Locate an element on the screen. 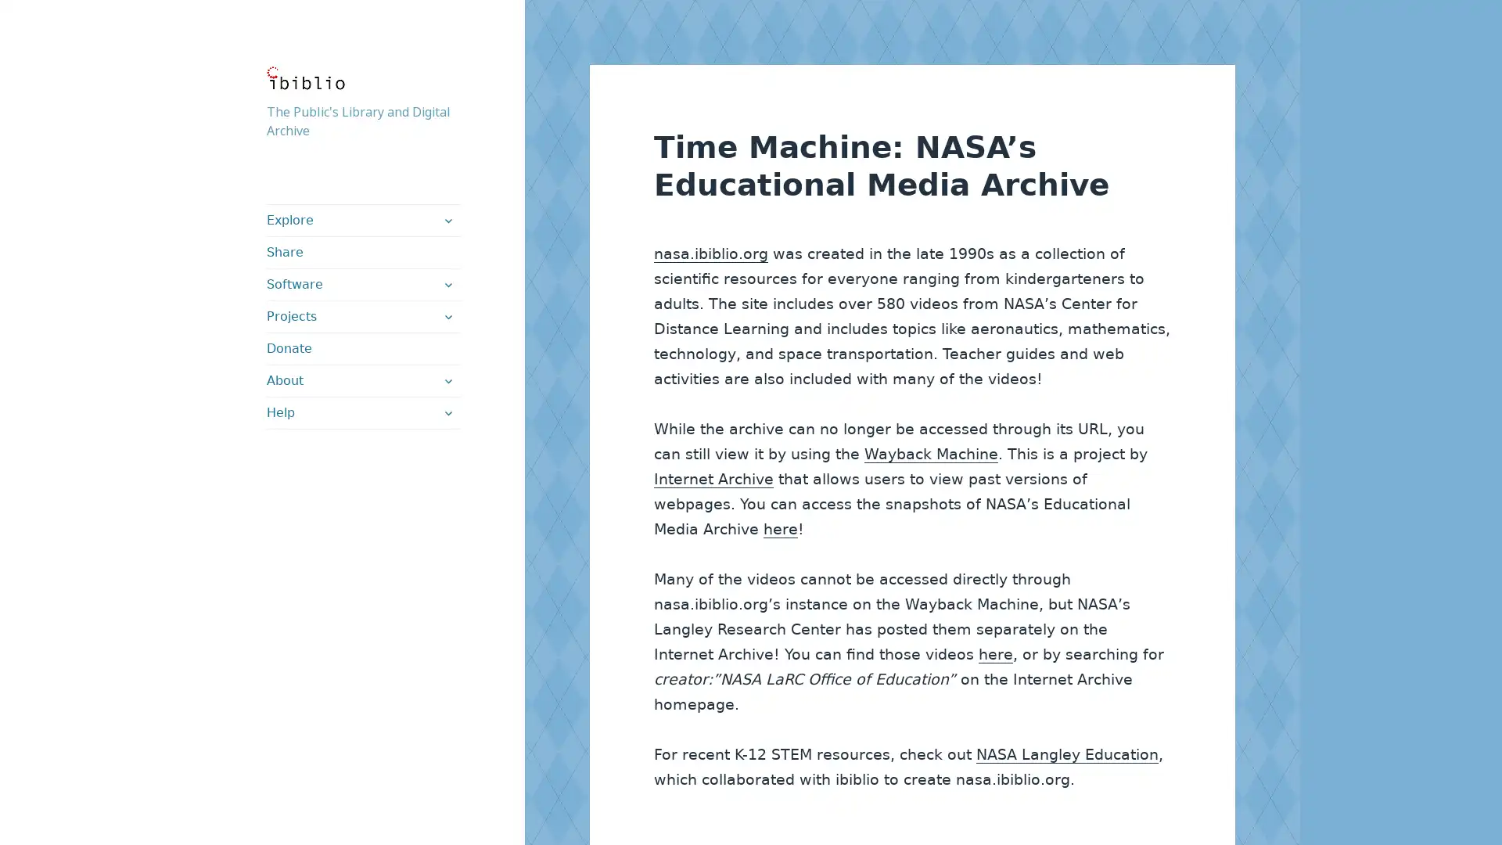  expand child menu is located at coordinates (446, 284).